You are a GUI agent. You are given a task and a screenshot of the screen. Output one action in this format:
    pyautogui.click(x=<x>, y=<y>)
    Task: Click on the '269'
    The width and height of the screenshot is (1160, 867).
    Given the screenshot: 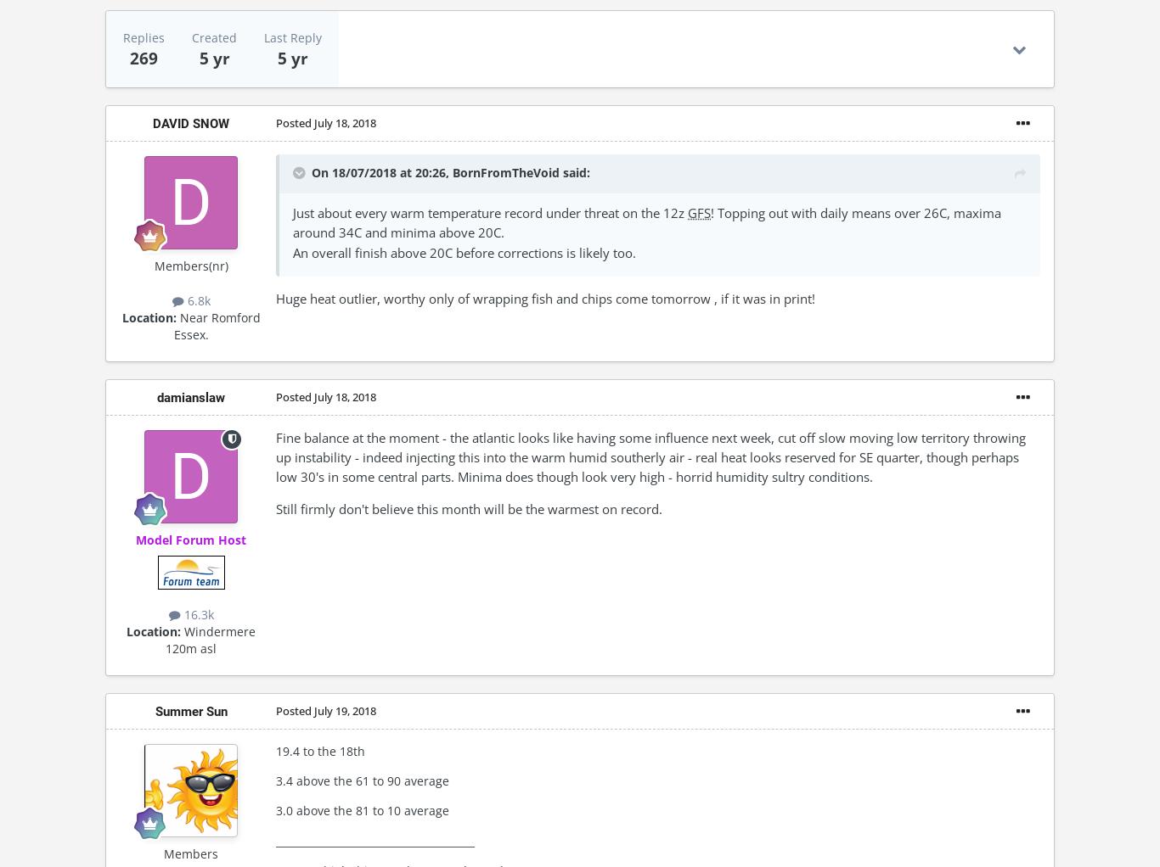 What is the action you would take?
    pyautogui.click(x=143, y=58)
    